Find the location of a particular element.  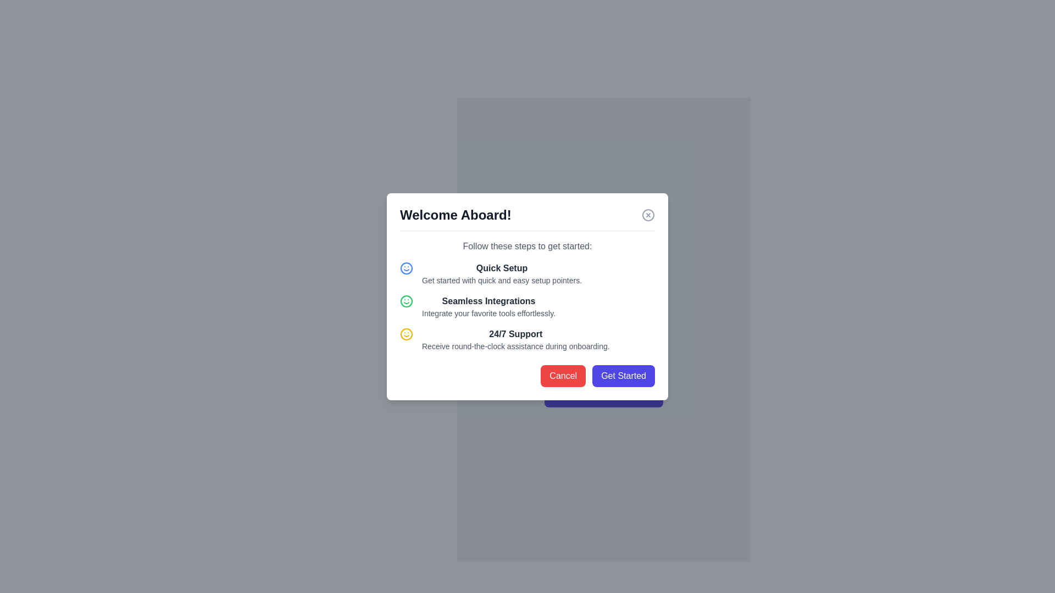

the static text label that serves as an instructional guide for the onboarding steps, positioned below the 'Welcome Aboard!' heading is located at coordinates (527, 245).